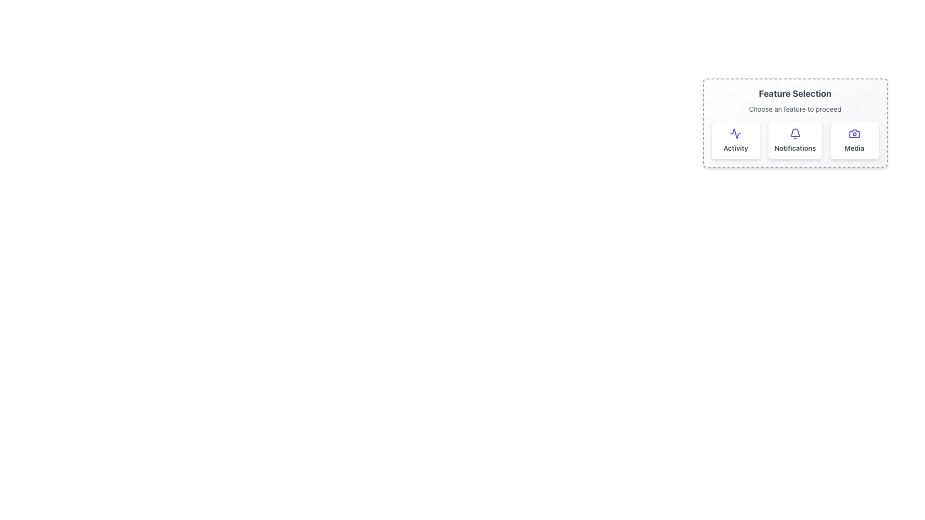 The width and height of the screenshot is (925, 520). Describe the element at coordinates (795, 133) in the screenshot. I see `the vibrant indigo bell-shaped icon within the 'Notifications' button` at that location.